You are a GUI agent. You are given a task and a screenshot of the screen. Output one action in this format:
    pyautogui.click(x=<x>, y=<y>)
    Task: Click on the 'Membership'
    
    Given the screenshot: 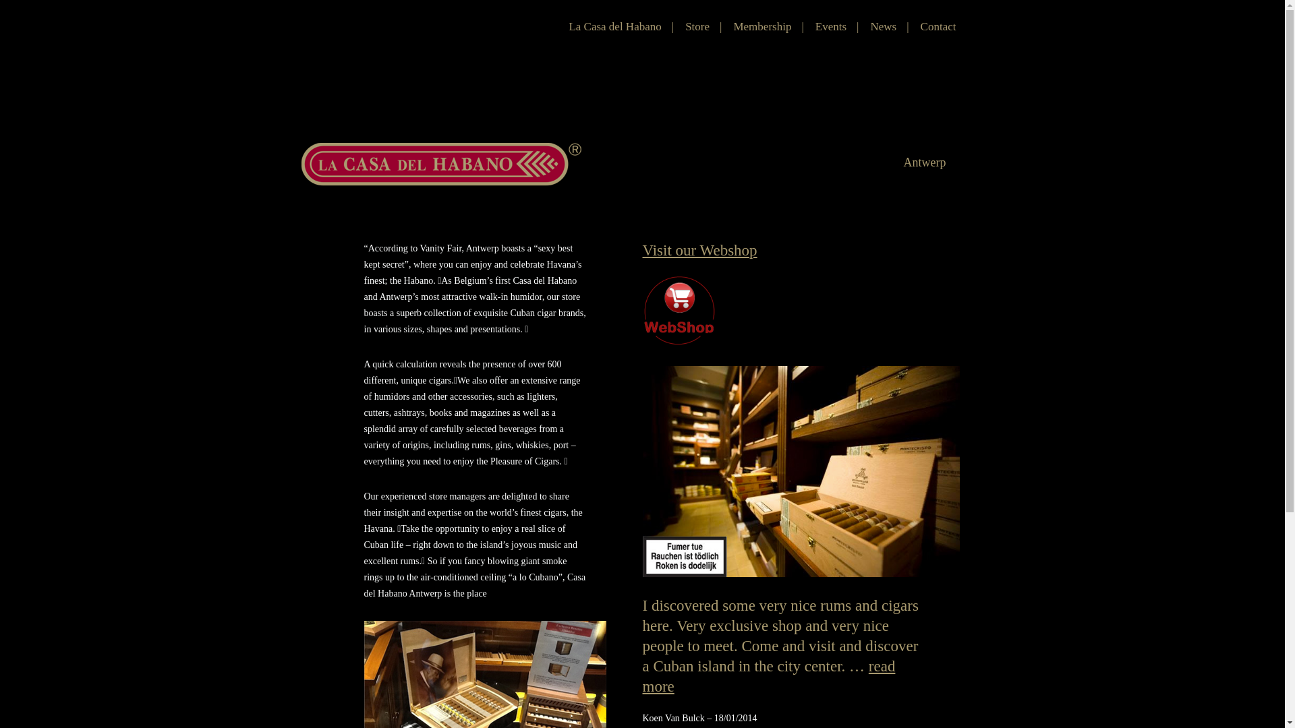 What is the action you would take?
    pyautogui.click(x=761, y=26)
    